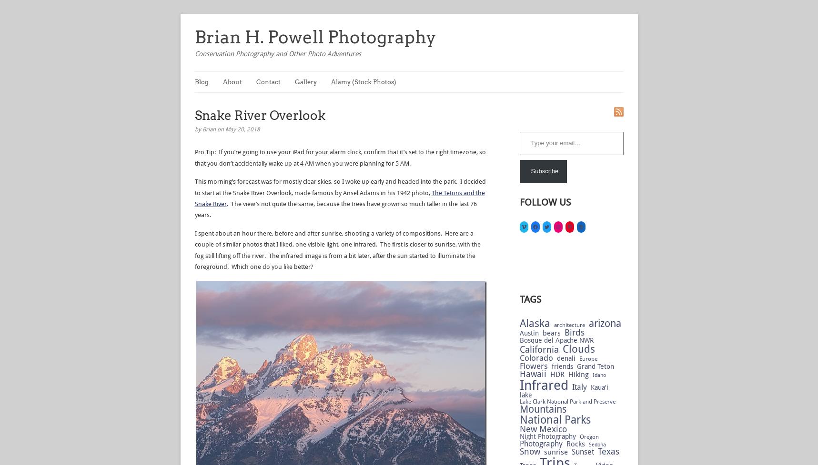 This screenshot has width=818, height=465. What do you see at coordinates (337, 249) in the screenshot?
I see `'I spent about an hour there, before and after sunrise, shooting a variety of compositions.  Here are a couple of similar photos that I liked, one visible light, one infrared.  The first is closer to sunrise, with the fog still lifting off the river.  The infrared image is from a bit later, after the sun started to illuminate the foreground.  Which one do you like better?'` at bounding box center [337, 249].